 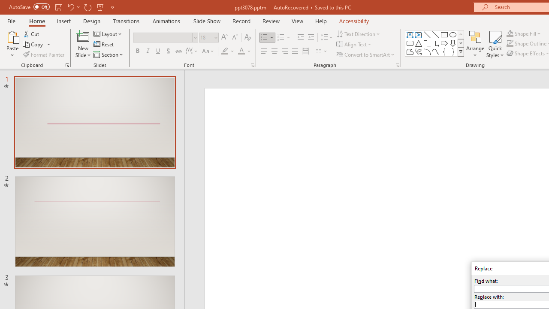 I want to click on 'Strikethrough', so click(x=178, y=51).